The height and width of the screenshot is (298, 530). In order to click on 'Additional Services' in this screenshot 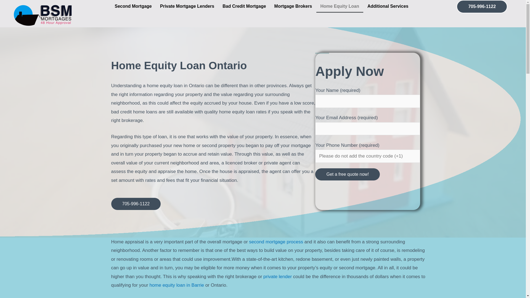, I will do `click(389, 6)`.